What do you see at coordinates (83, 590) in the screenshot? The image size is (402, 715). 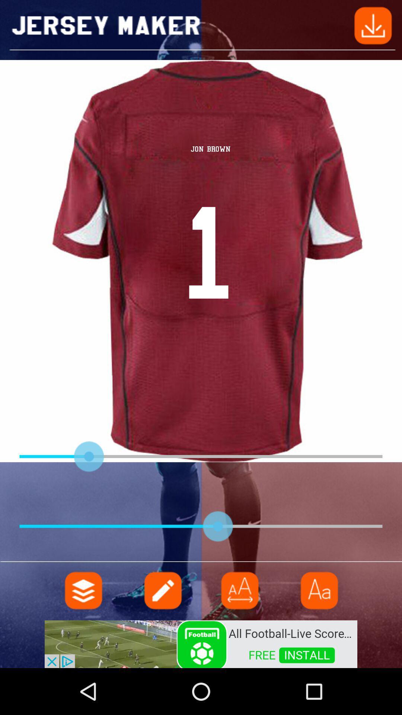 I see `settings button` at bounding box center [83, 590].